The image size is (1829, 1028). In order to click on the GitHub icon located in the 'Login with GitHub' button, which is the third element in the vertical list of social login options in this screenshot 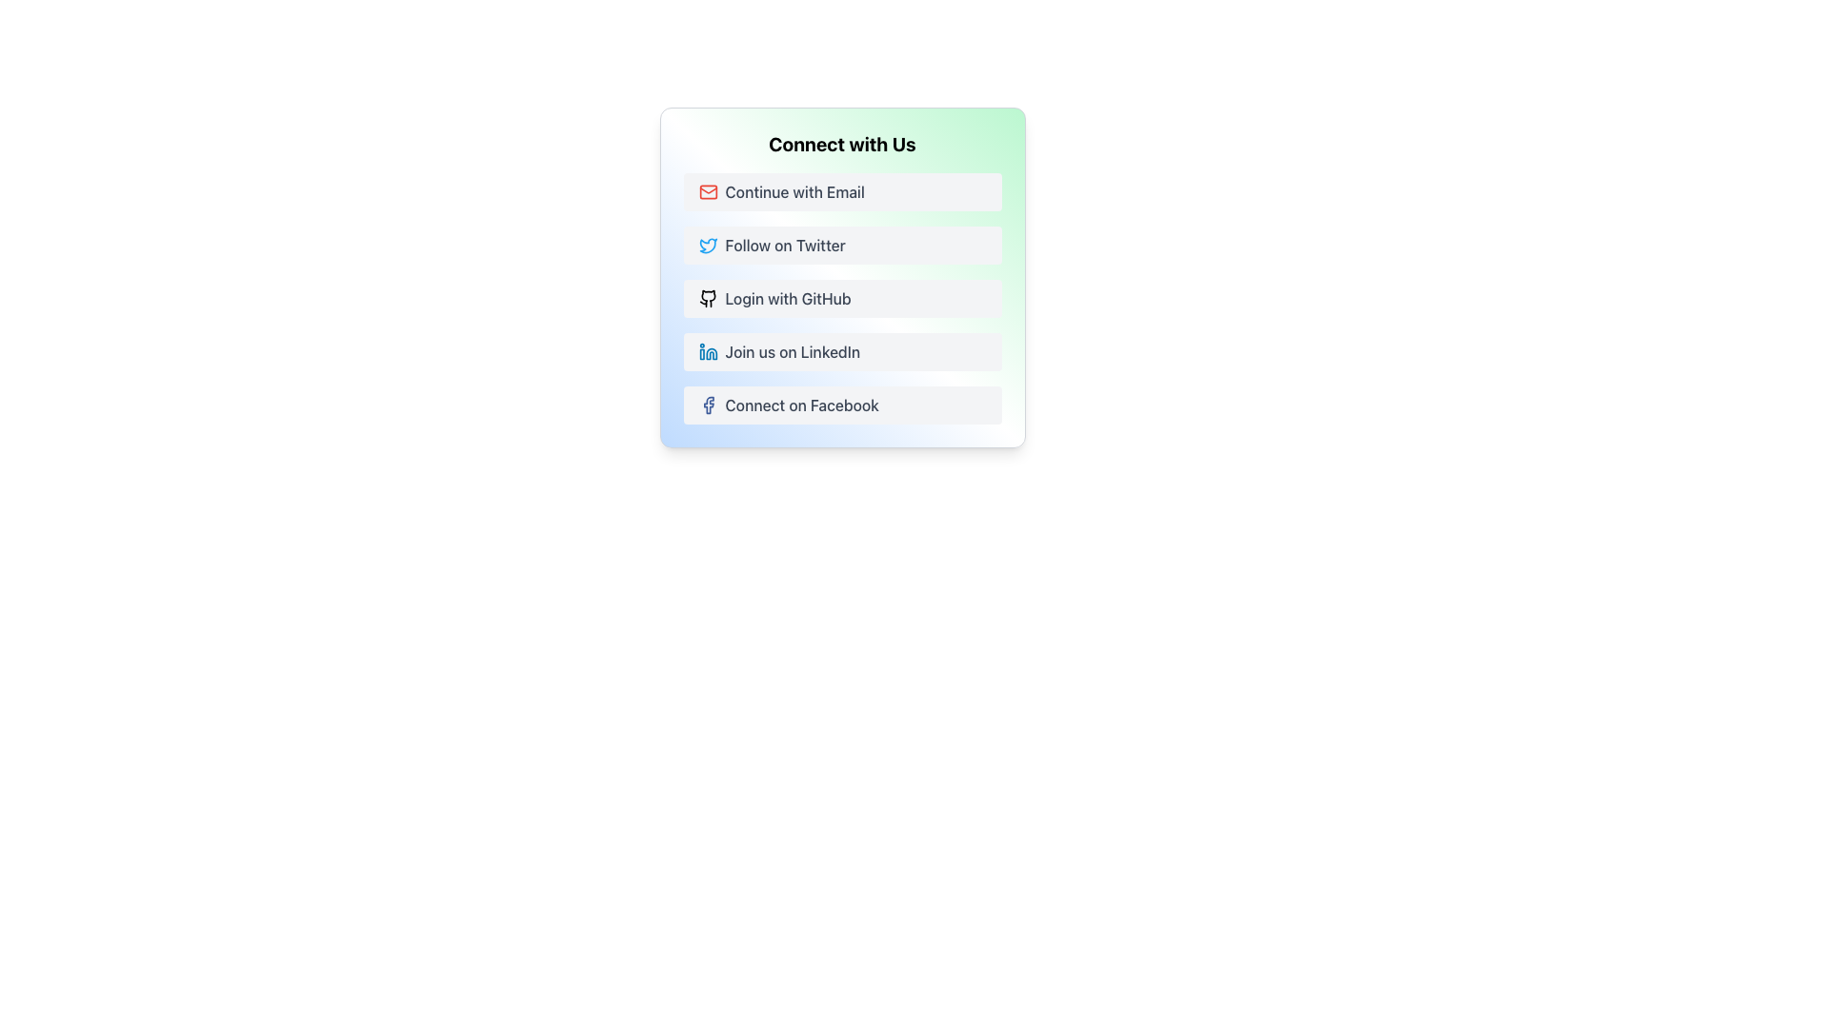, I will do `click(707, 298)`.